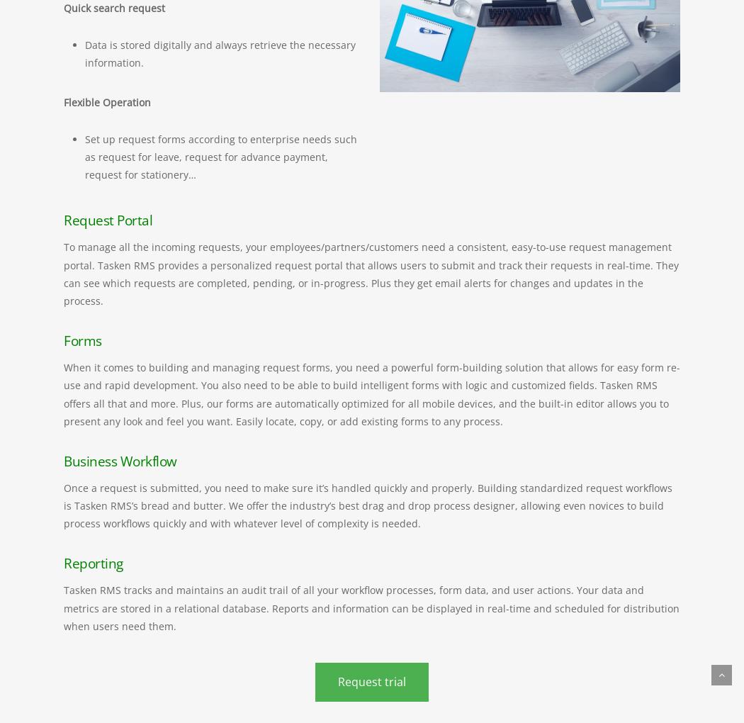 The height and width of the screenshot is (723, 744). What do you see at coordinates (63, 7) in the screenshot?
I see `'Quick search request'` at bounding box center [63, 7].